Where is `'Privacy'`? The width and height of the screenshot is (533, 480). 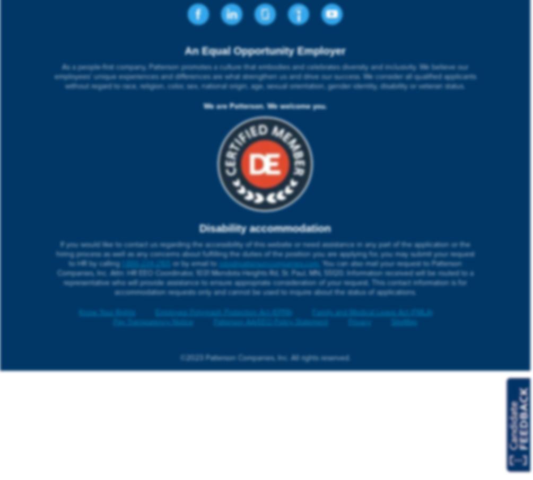 'Privacy' is located at coordinates (347, 322).